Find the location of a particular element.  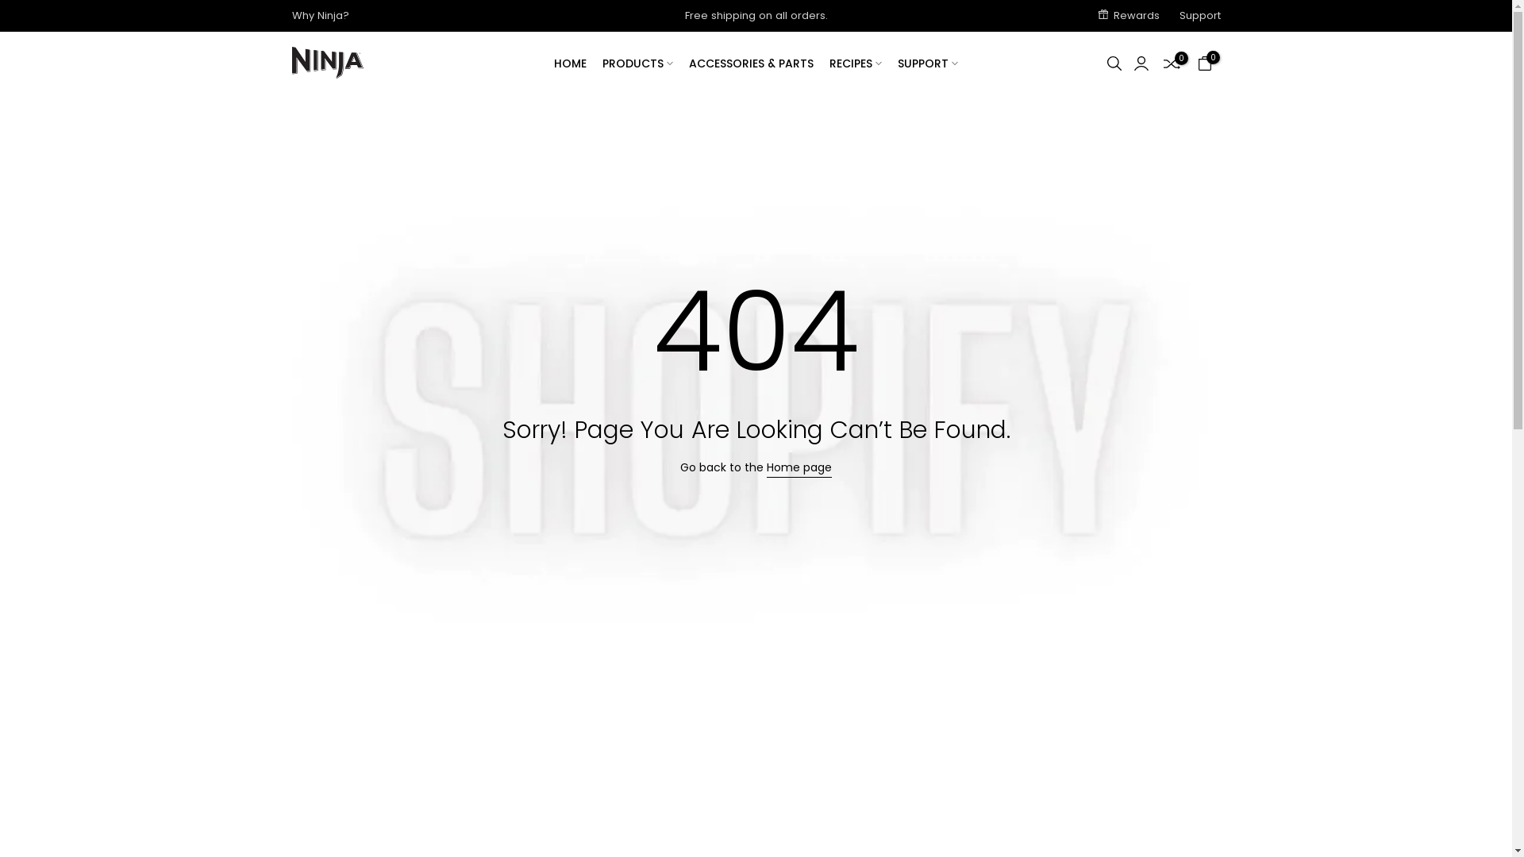

'ACCESSORIES & PARTS' is located at coordinates (750, 63).